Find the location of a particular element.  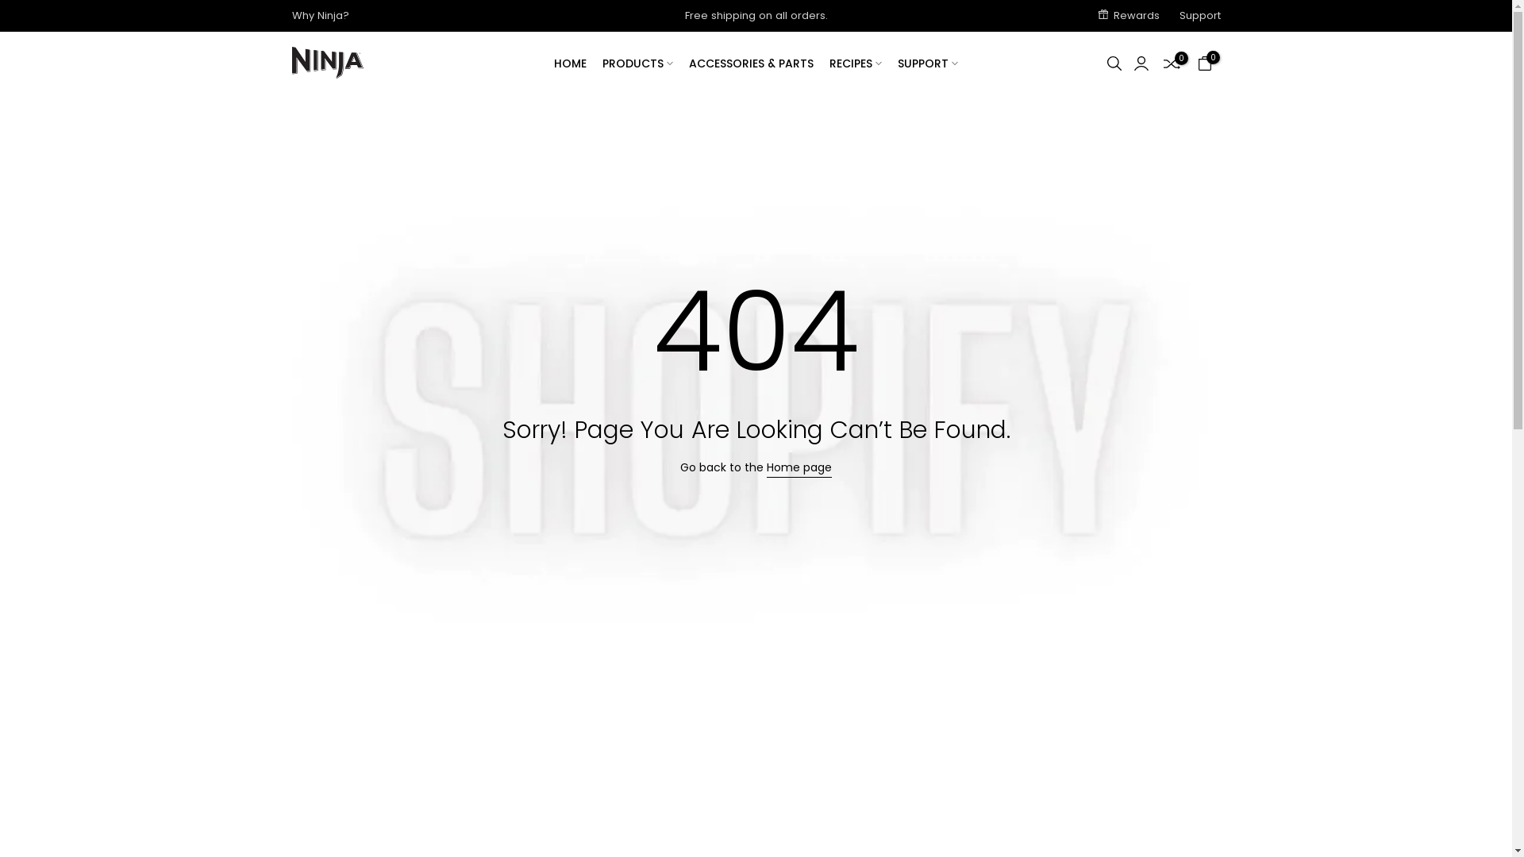

'ACCESSORIES & PARTS' is located at coordinates (750, 63).